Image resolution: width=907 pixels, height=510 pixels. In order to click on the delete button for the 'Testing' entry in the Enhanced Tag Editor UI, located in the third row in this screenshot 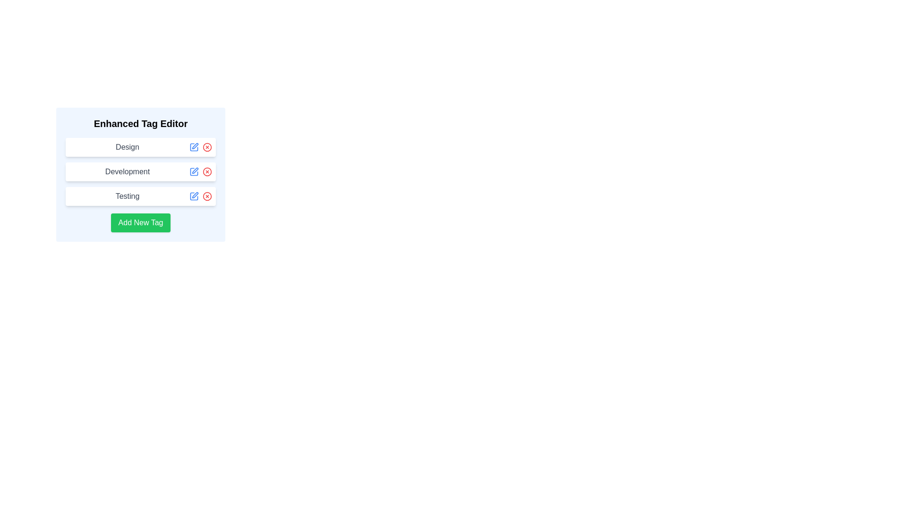, I will do `click(206, 196)`.